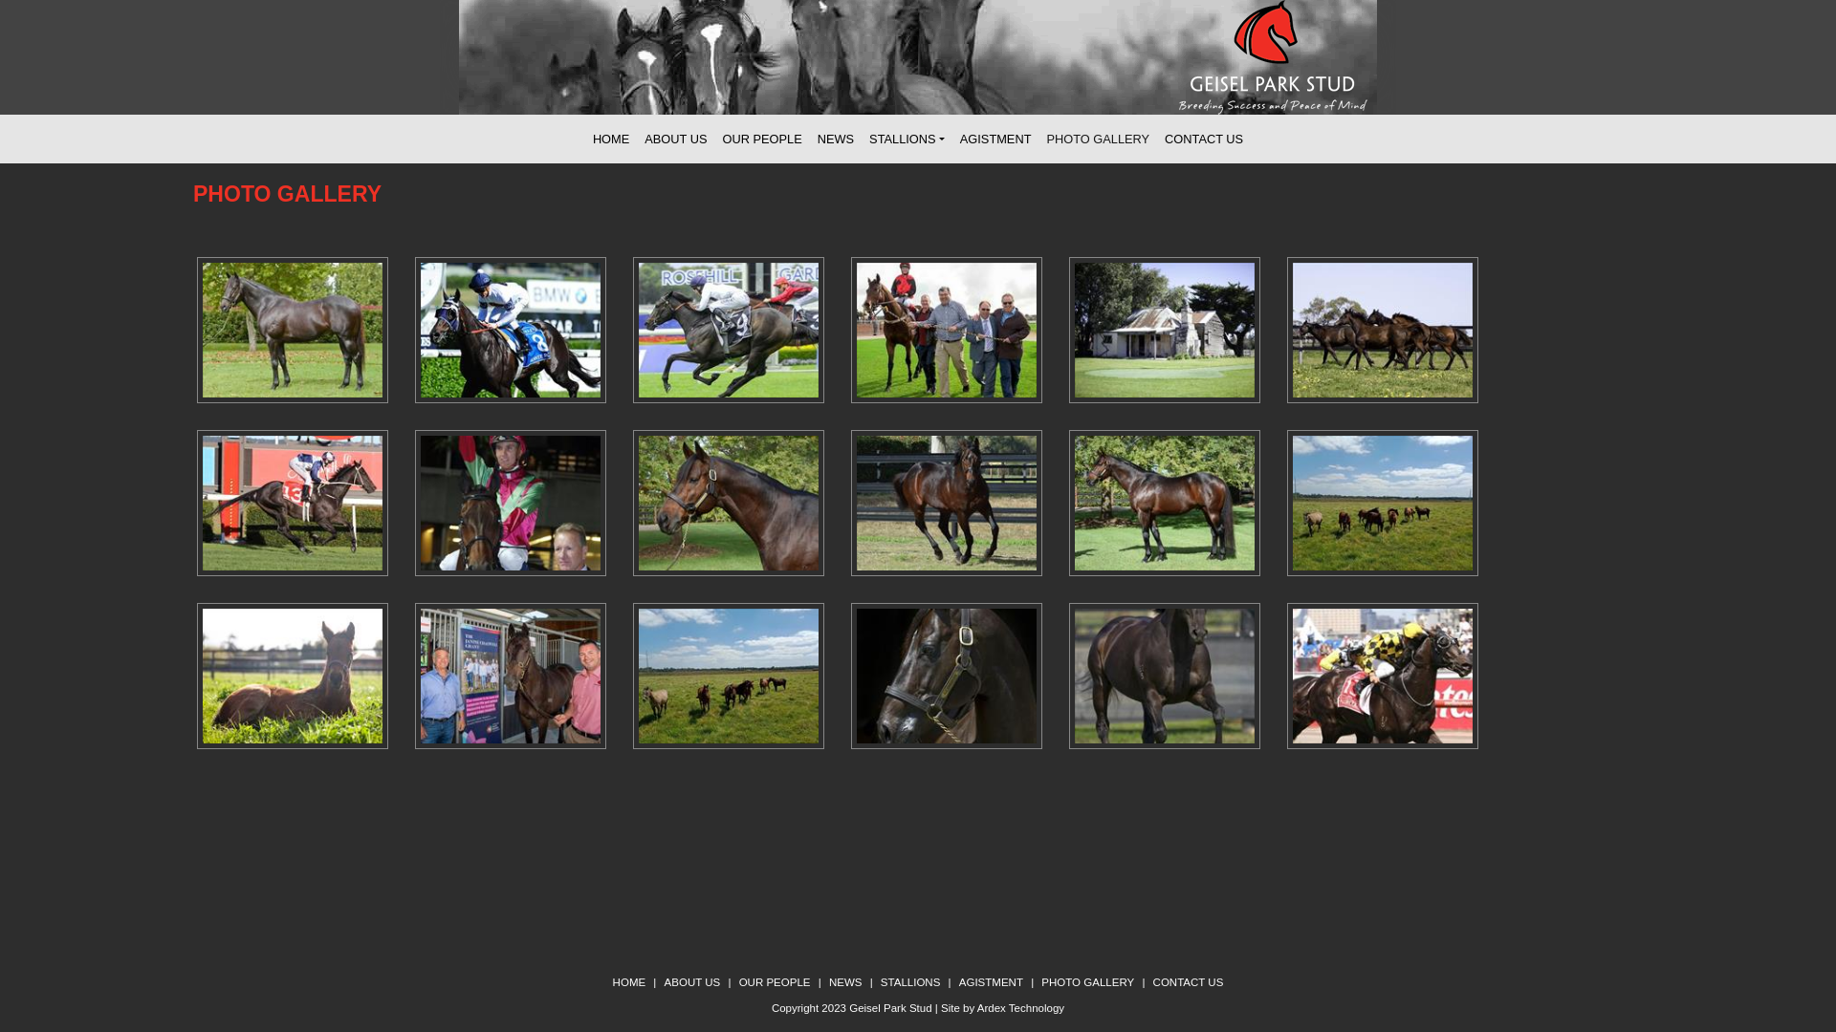 This screenshot has height=1032, width=1836. I want to click on 'AGISTMENT', so click(994, 138).